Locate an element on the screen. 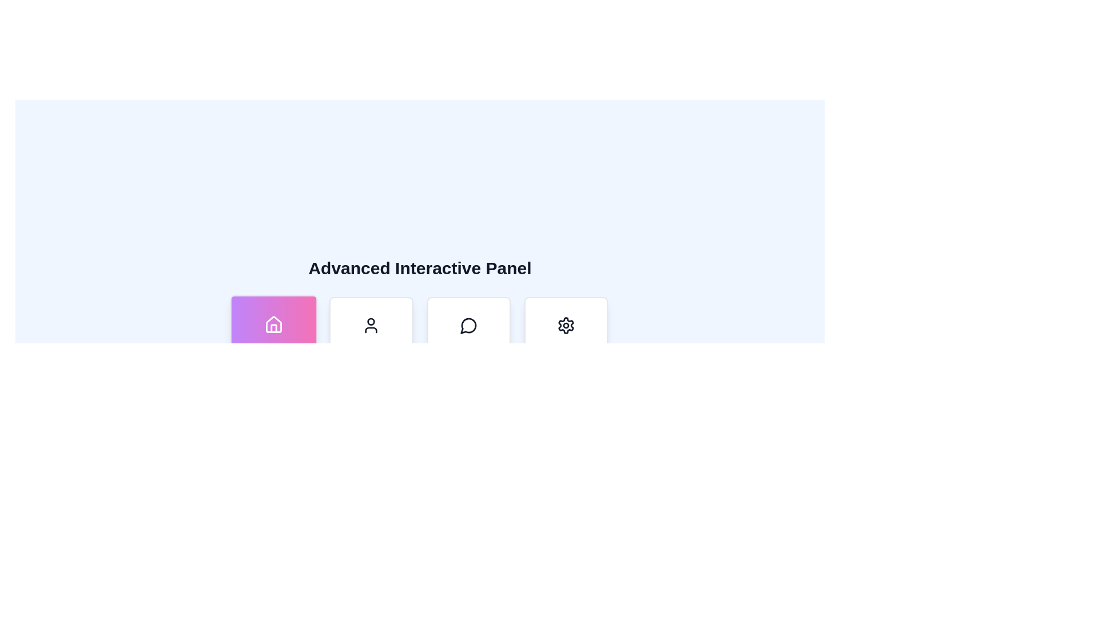 This screenshot has height=617, width=1098. the settings navigation button located in the bottom-right portion of the grid, which follows the cards labeled 'Dashboard', 'Profile', and 'Messages' is located at coordinates (566, 337).